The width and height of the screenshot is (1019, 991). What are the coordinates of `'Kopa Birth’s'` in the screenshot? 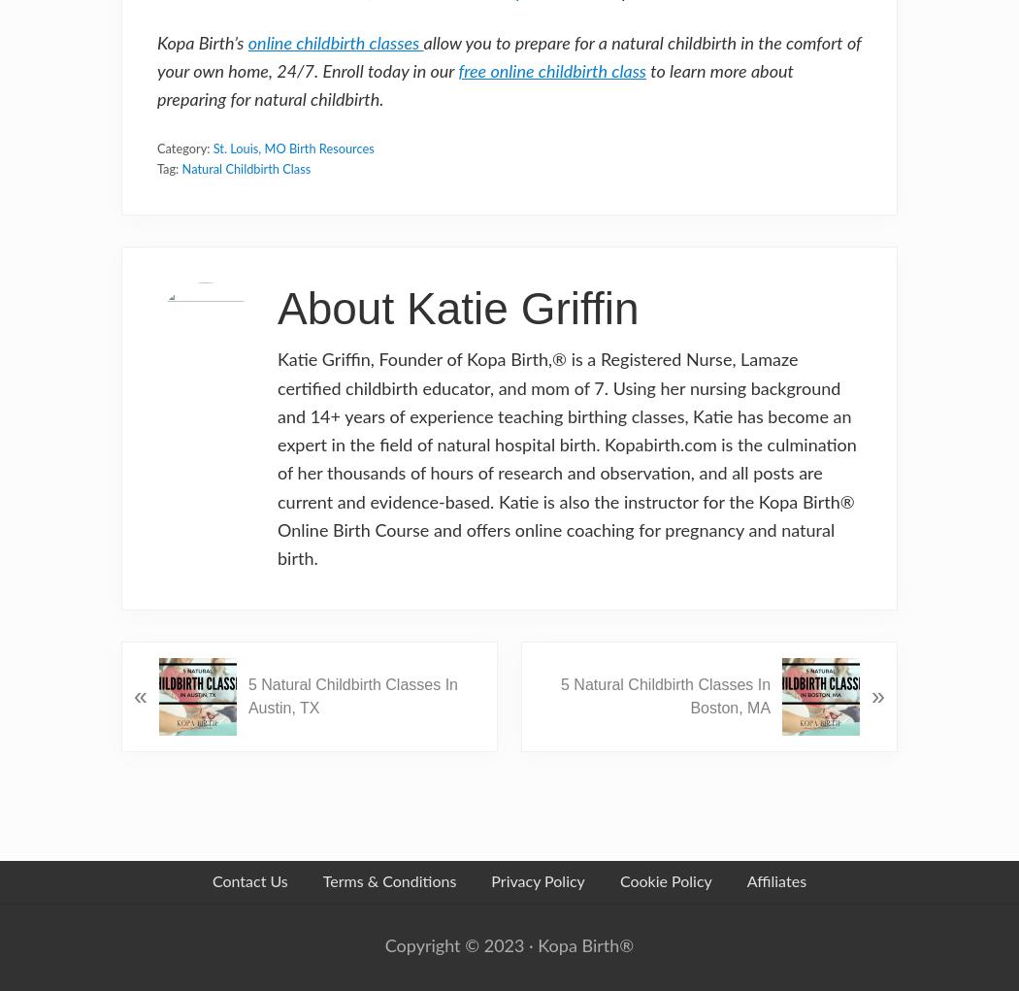 It's located at (157, 44).